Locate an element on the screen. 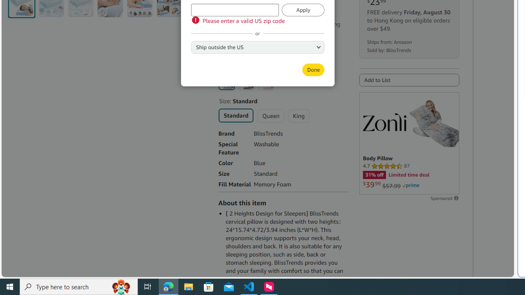  'Shop items' is located at coordinates (236, 52).